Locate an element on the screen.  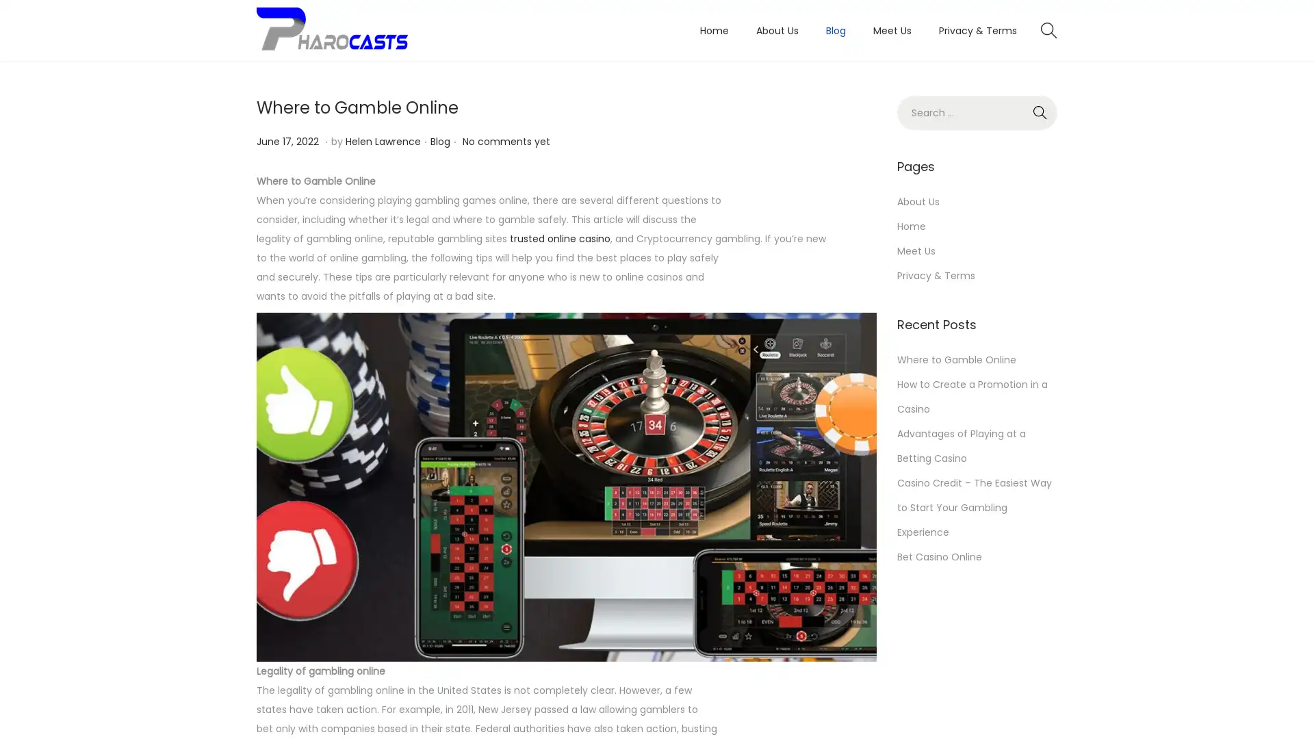
Search is located at coordinates (1040, 112).